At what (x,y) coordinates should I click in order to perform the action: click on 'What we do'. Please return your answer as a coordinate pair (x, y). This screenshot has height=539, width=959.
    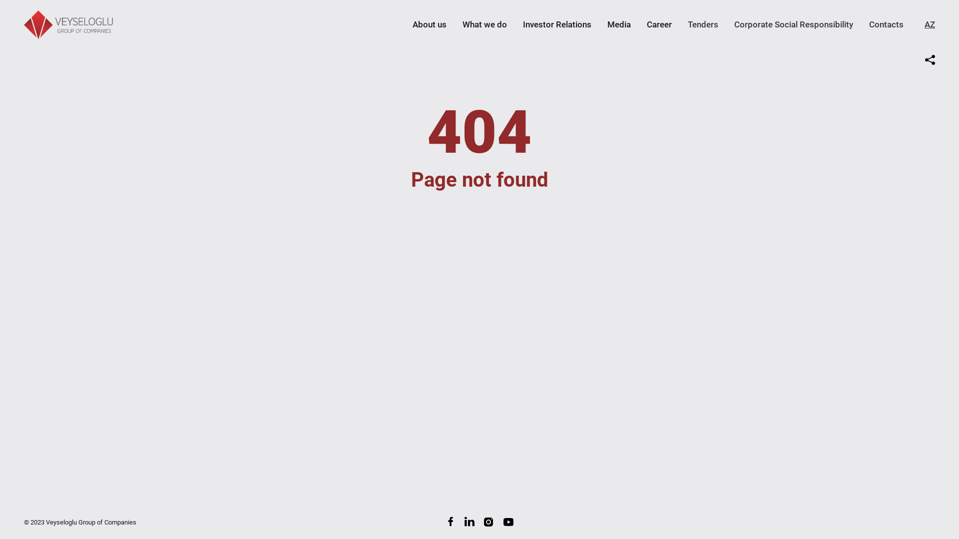
    Looking at the image, I should click on (484, 24).